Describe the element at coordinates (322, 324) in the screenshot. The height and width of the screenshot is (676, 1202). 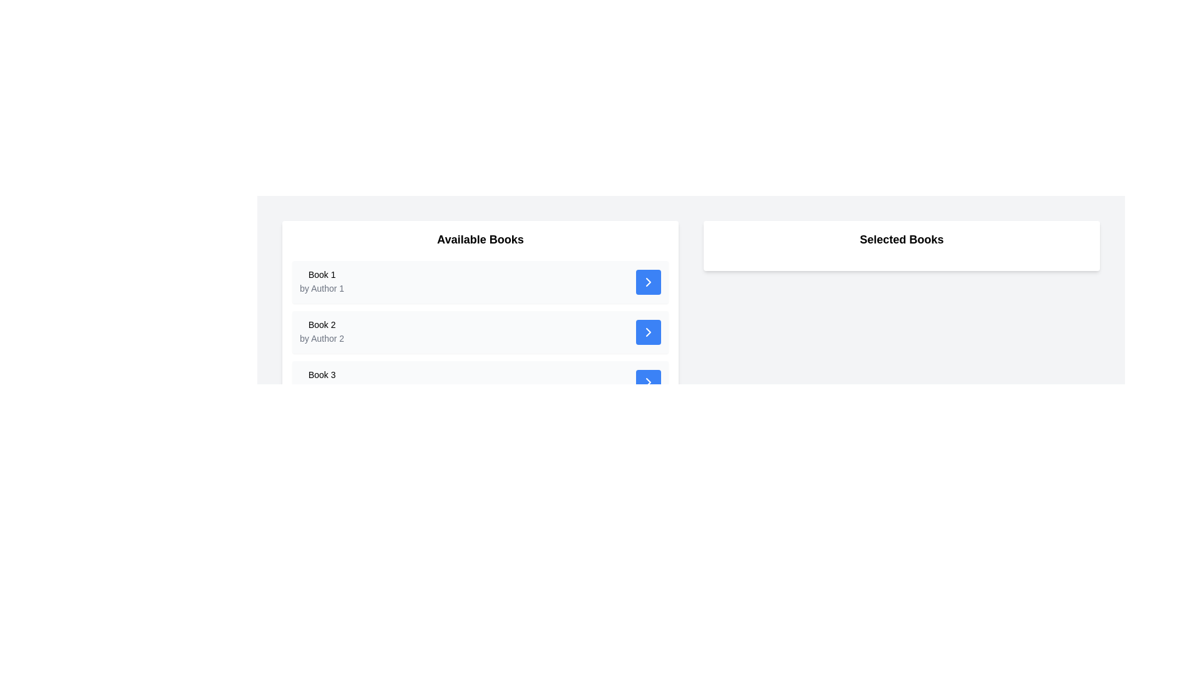
I see `the text label displaying 'Book 2', which is part of the 'Available Books' section` at that location.